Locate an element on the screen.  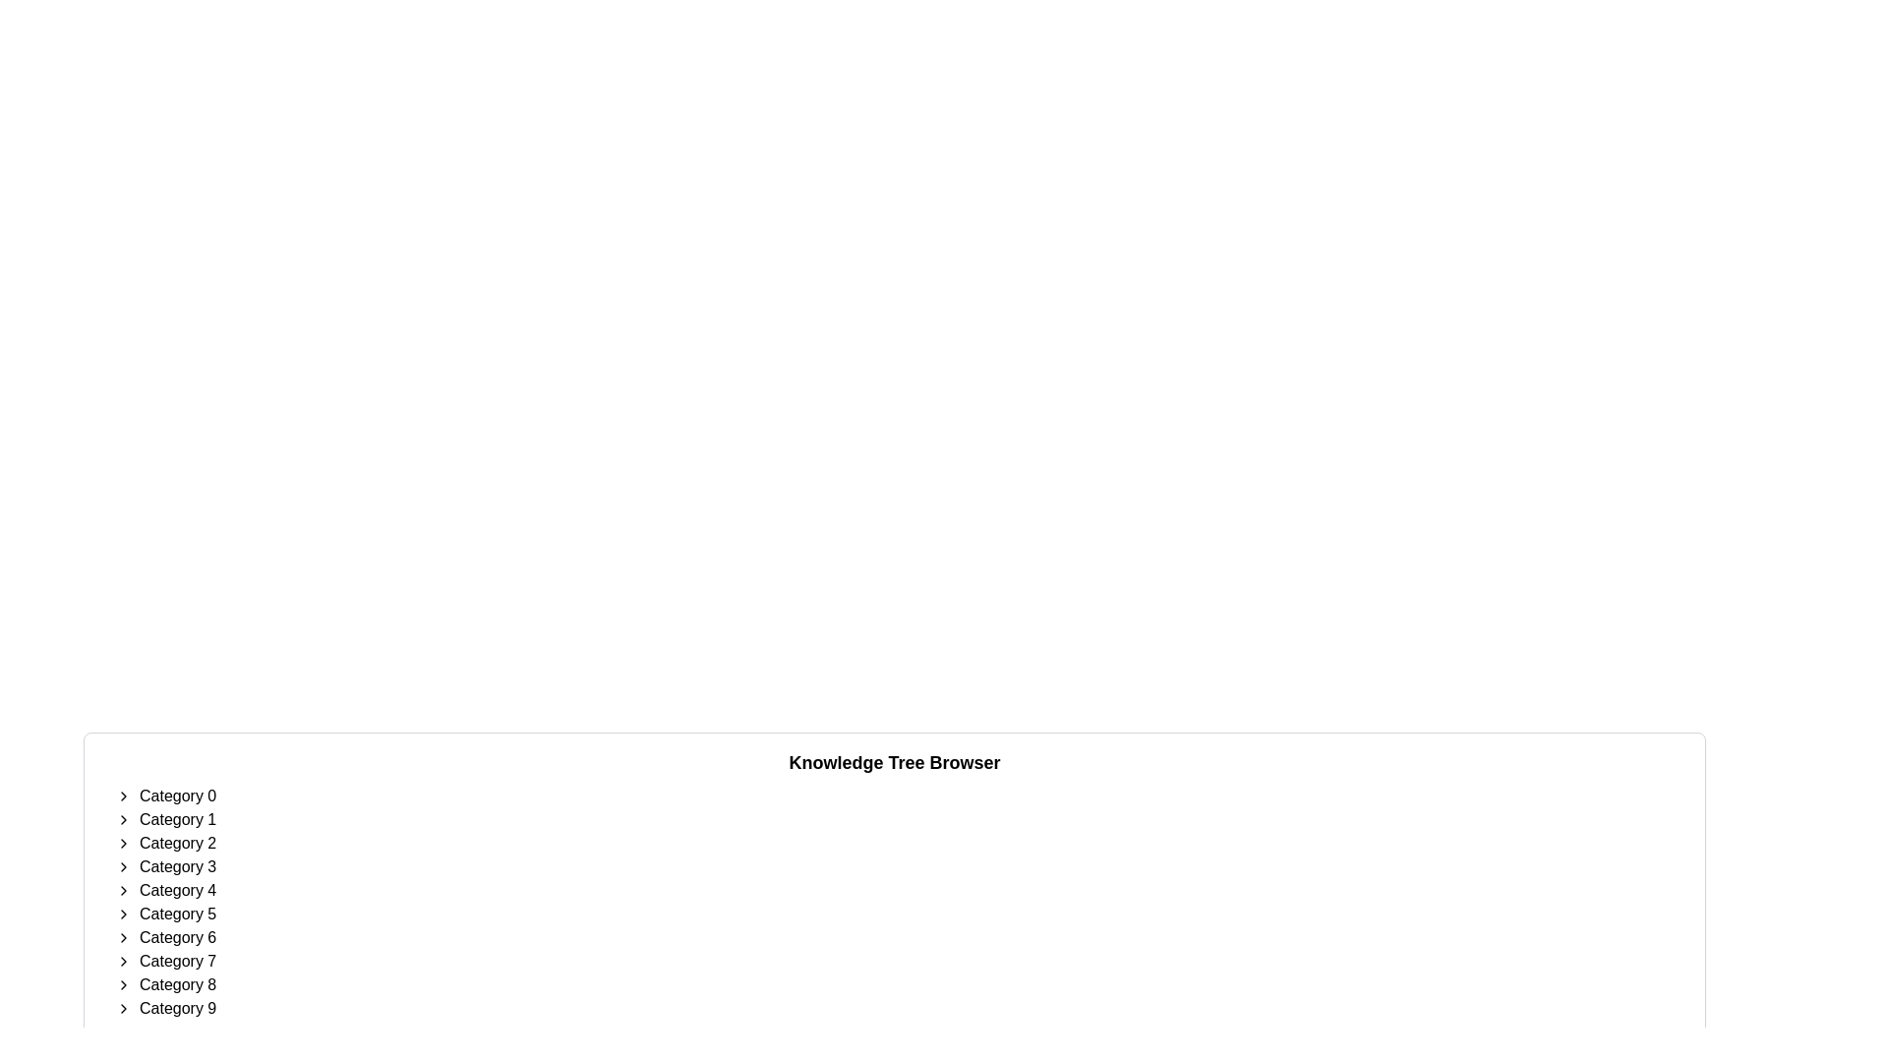
the rightward-pointing chevron icon is located at coordinates (122, 985).